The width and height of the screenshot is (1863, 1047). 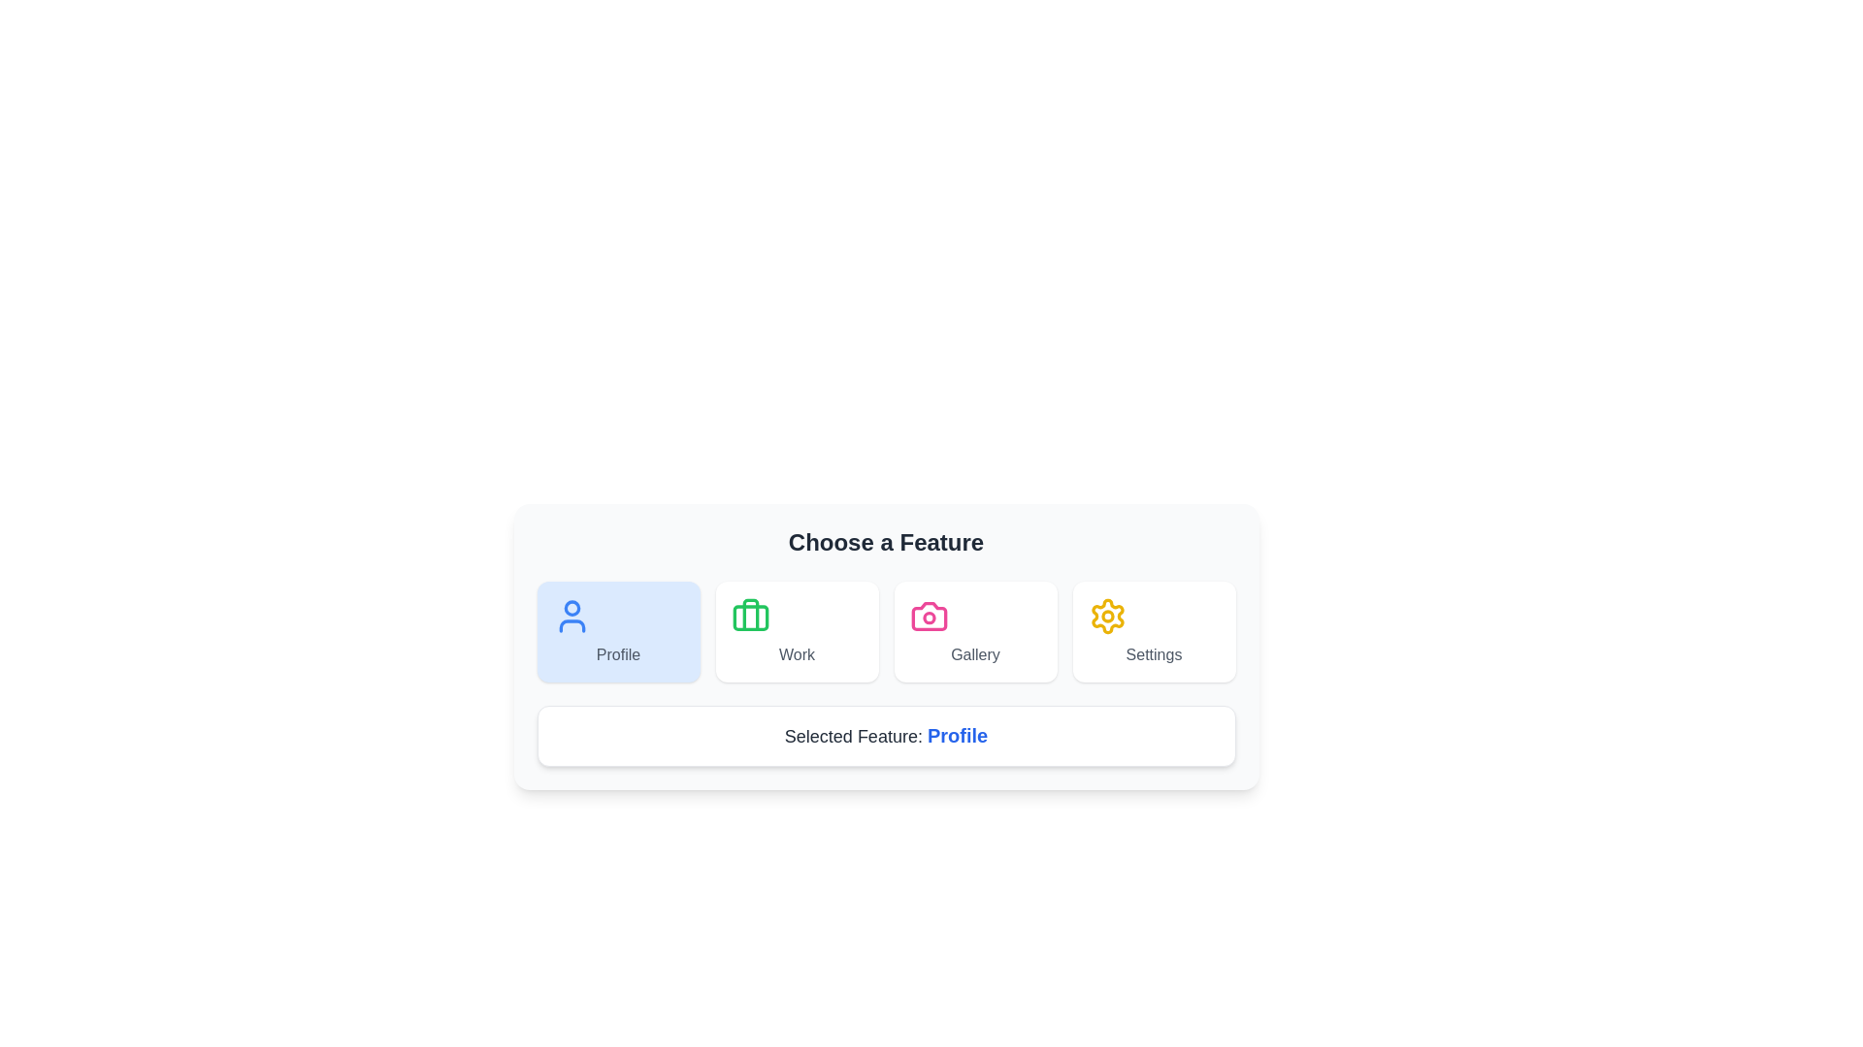 What do you see at coordinates (571, 617) in the screenshot?
I see `the 'Profile' icon located in the top-left corner of the selection interface` at bounding box center [571, 617].